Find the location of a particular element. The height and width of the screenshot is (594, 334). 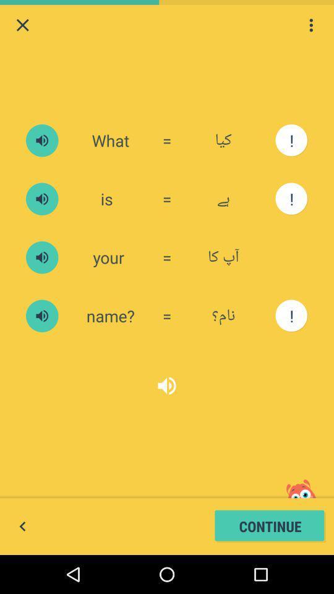

the volume icon is located at coordinates (41, 338).